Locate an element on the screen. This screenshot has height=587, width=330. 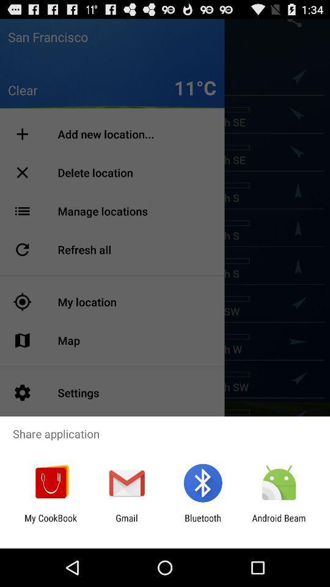
app next to android beam app is located at coordinates (203, 523).